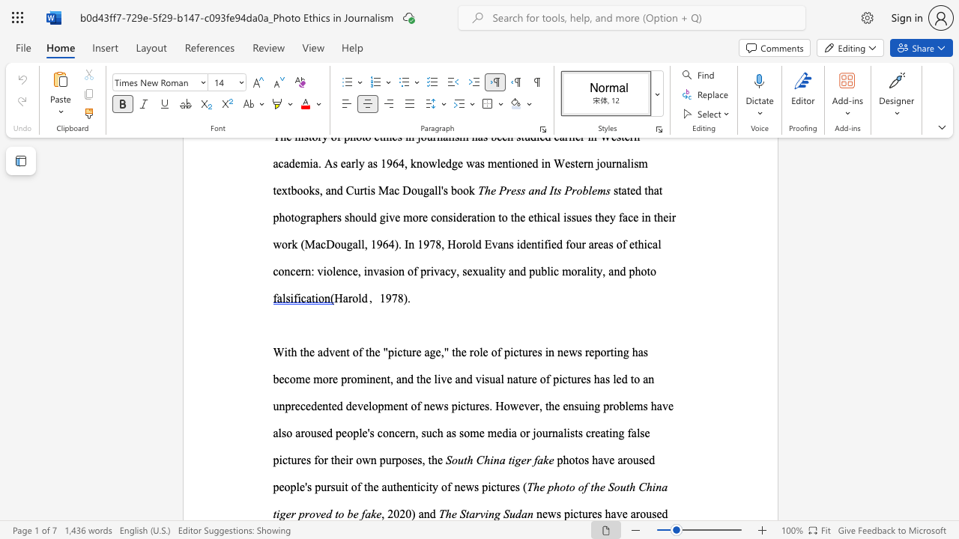  I want to click on the subset text "oto of the South Ch" within the text "The photo of the South China tiger proved to be fake", so click(559, 487).